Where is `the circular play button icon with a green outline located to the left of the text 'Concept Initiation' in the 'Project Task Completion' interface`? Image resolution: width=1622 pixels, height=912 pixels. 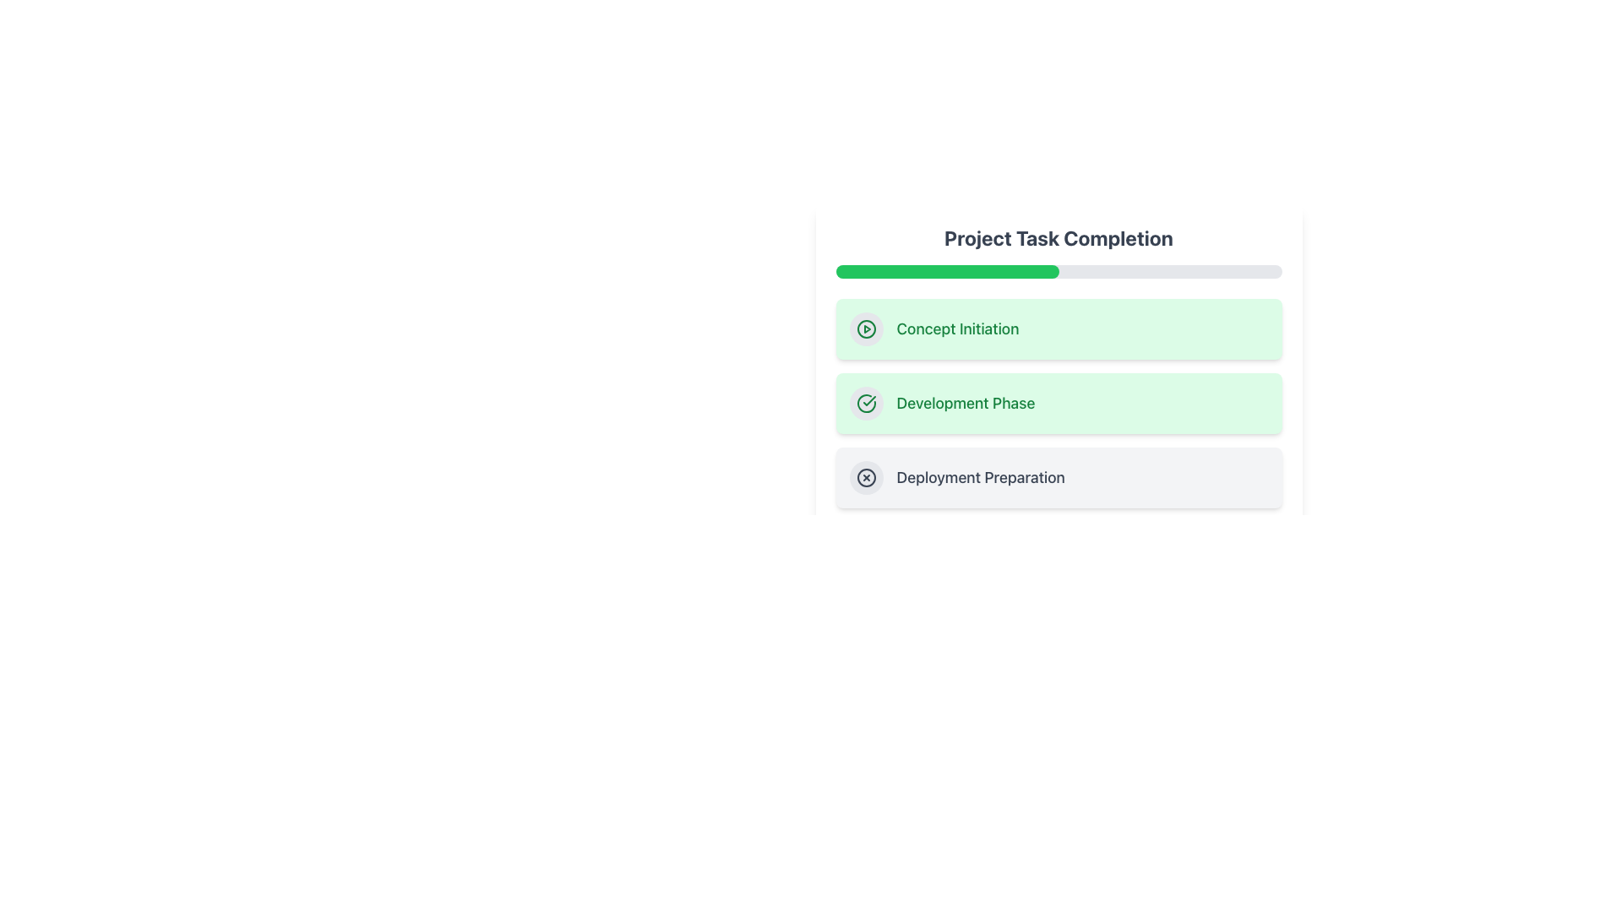 the circular play button icon with a green outline located to the left of the text 'Concept Initiation' in the 'Project Task Completion' interface is located at coordinates (866, 328).